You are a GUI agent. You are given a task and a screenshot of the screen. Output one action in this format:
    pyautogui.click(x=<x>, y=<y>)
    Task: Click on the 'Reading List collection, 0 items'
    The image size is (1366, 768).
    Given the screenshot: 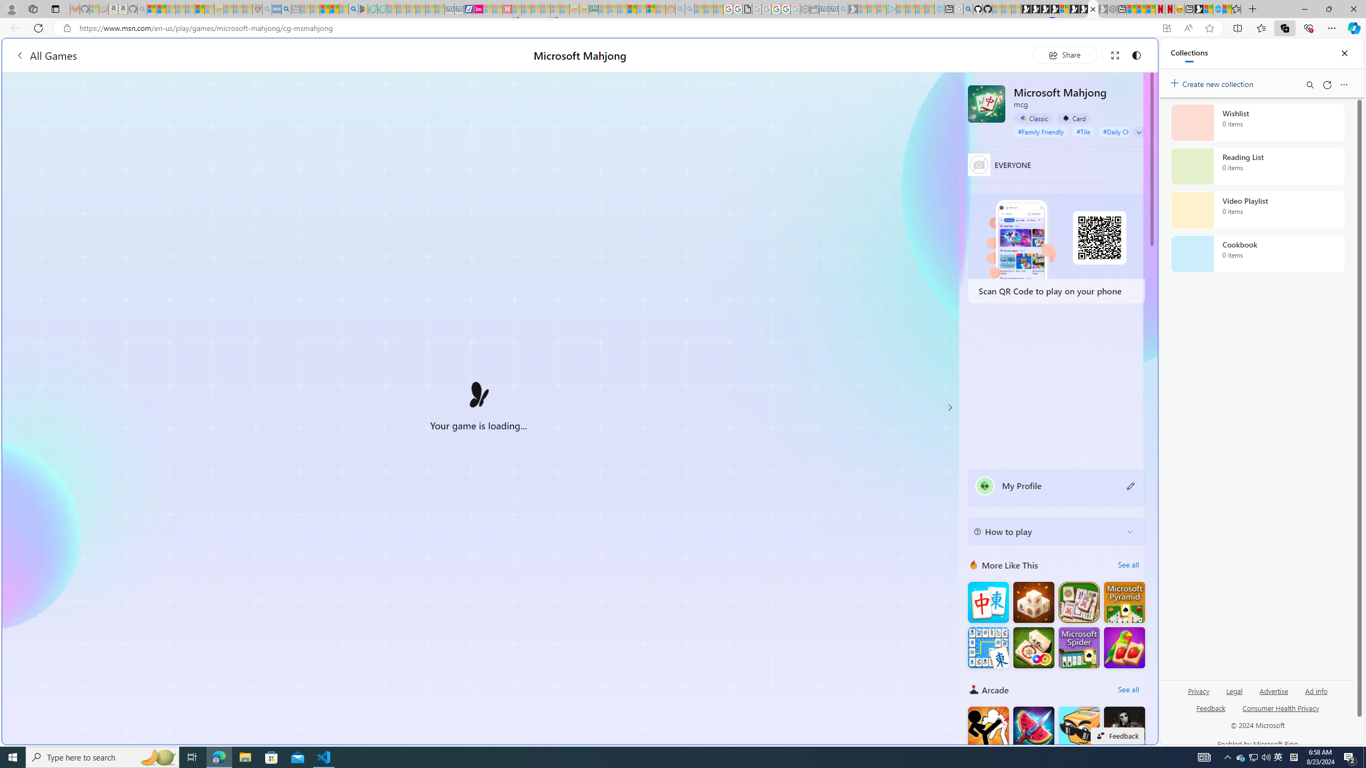 What is the action you would take?
    pyautogui.click(x=1257, y=165)
    